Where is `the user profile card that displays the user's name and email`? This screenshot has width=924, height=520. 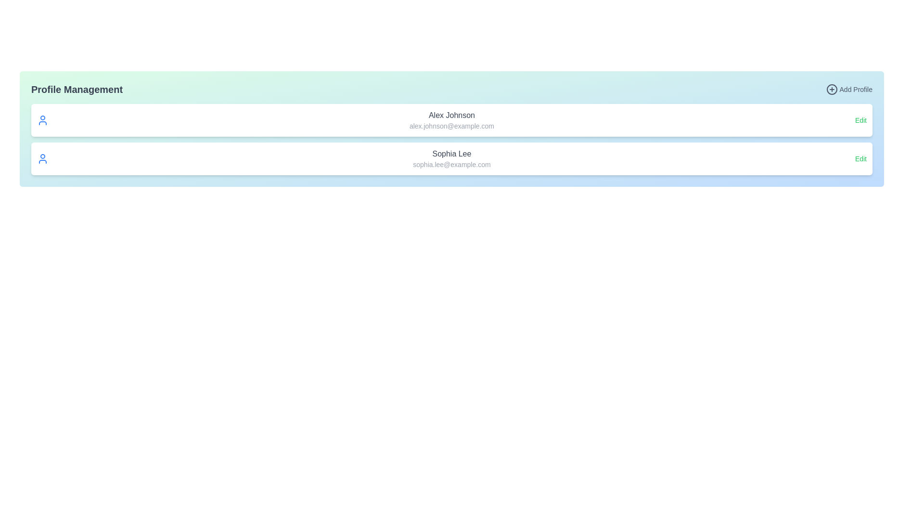
the user profile card that displays the user's name and email is located at coordinates (451, 158).